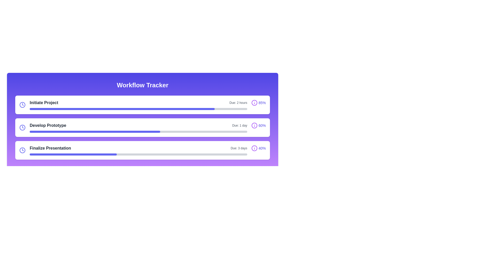  I want to click on the small indigo clock icon placed inside a circular outline next to the task title 'Finalize Presentation' in the bottom-most row of the workflow tracker layout, so click(22, 150).